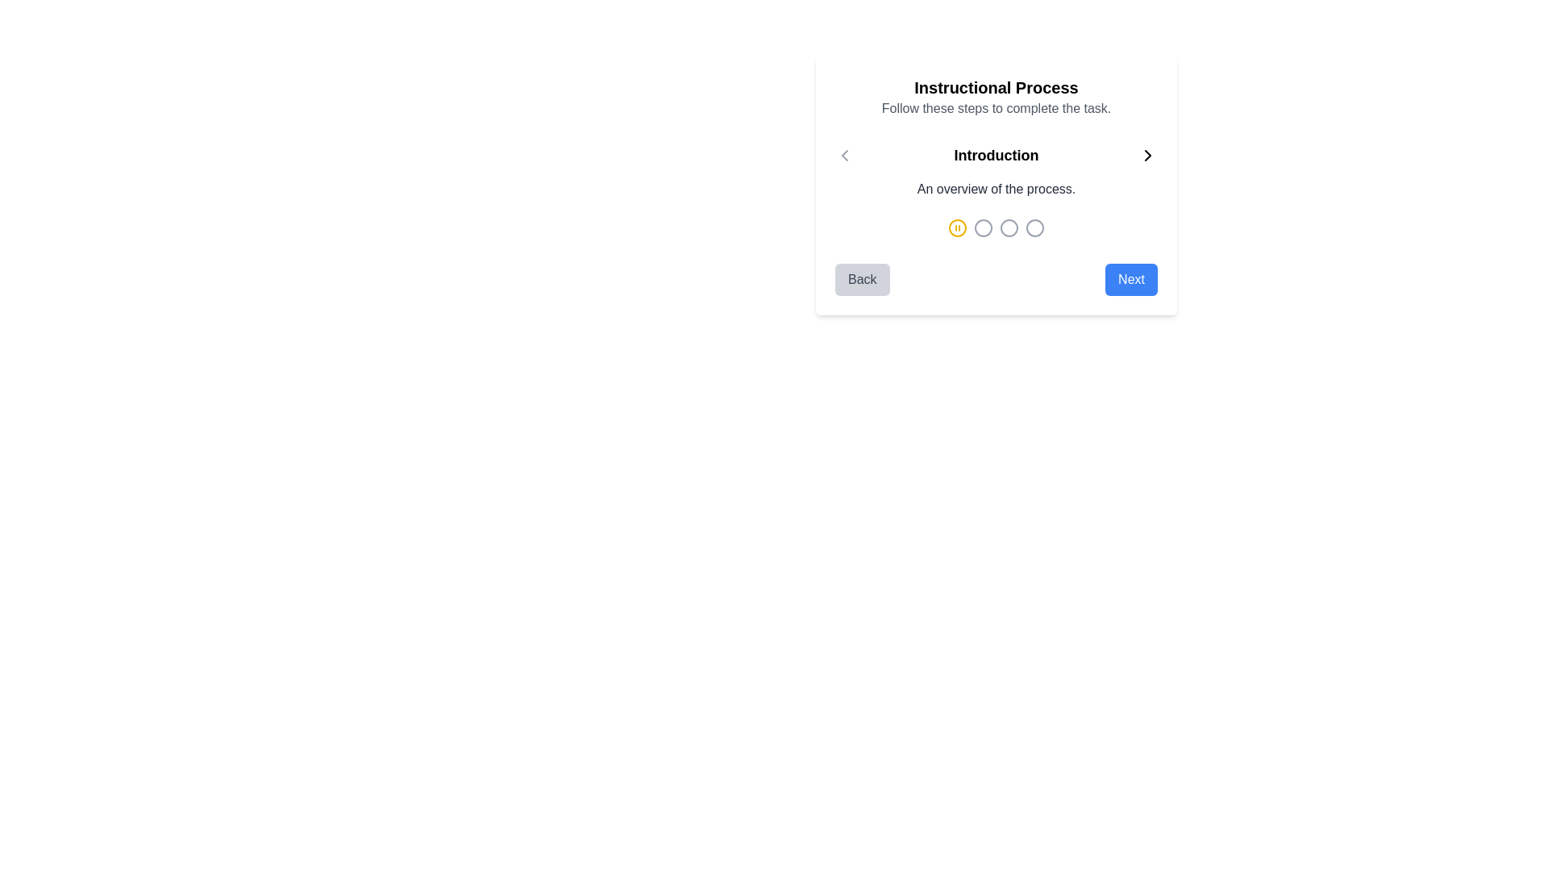  I want to click on the text element that reads 'Follow these steps to complete the task.' which is styled in gray and located directly below the header 'Instructional Process', so click(996, 109).